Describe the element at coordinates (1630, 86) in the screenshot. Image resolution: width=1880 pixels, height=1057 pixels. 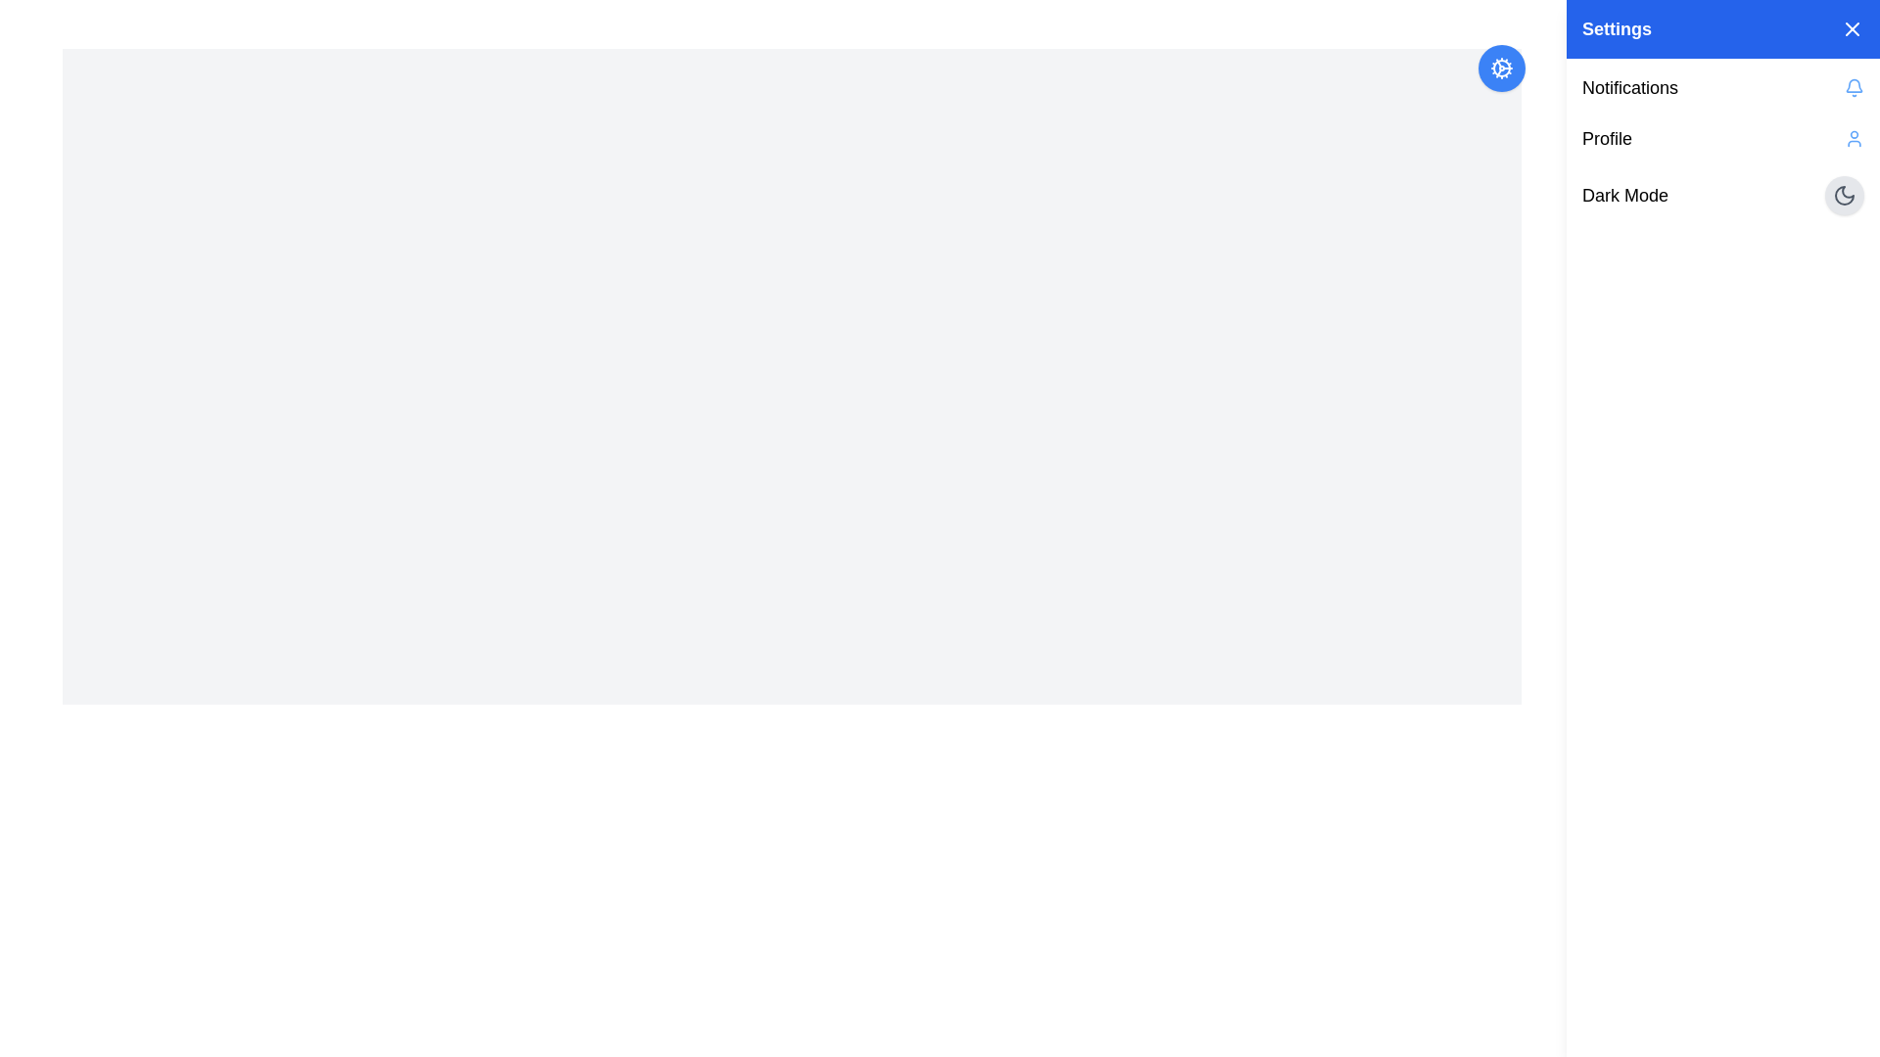
I see `'Notifications' label located at the top of the sidebar on the right-hand side of the interface` at that location.